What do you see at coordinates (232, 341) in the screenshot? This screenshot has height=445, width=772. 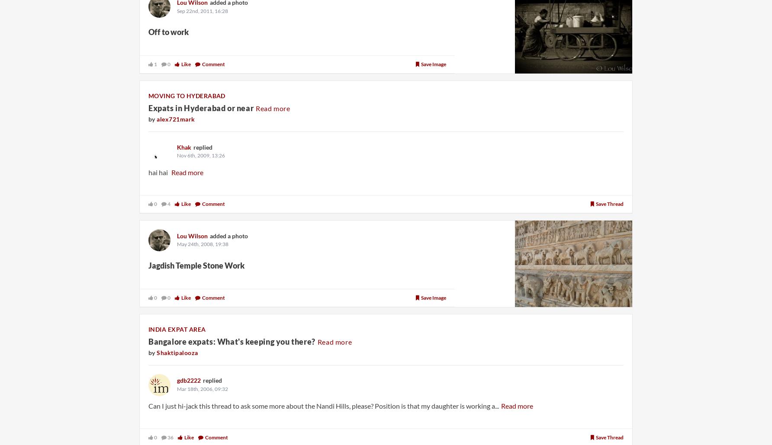 I see `'Bangalore expats: What's keeping you there?'` at bounding box center [232, 341].